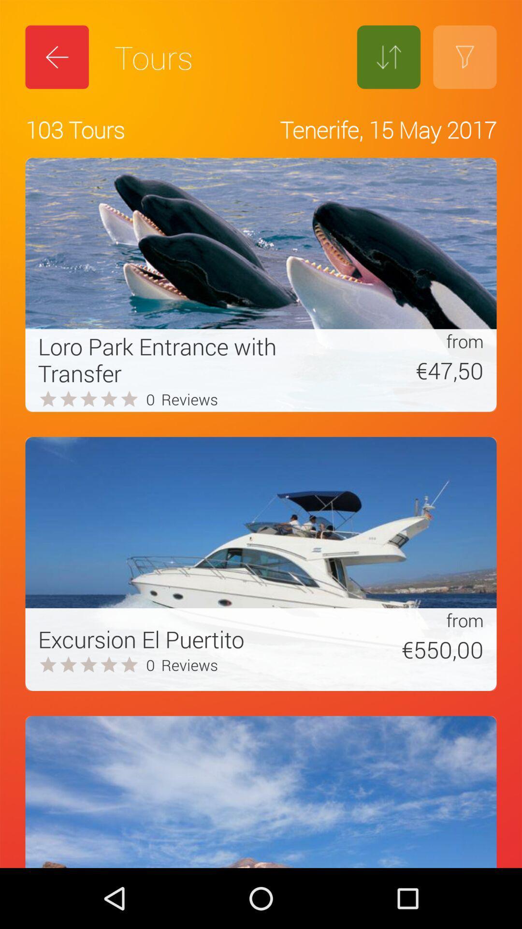 The width and height of the screenshot is (522, 929). I want to click on the icon below from item, so click(403, 649).